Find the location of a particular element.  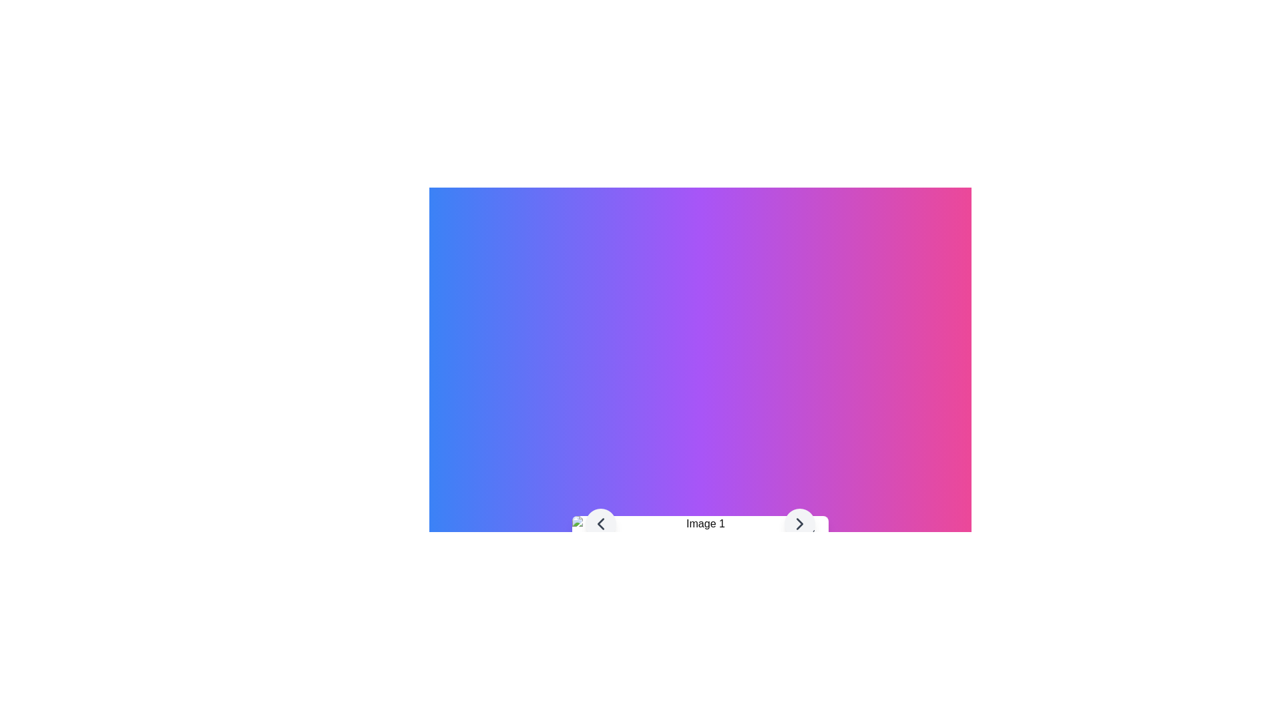

the right-facing chevron icon used for navigation is located at coordinates (800, 523).